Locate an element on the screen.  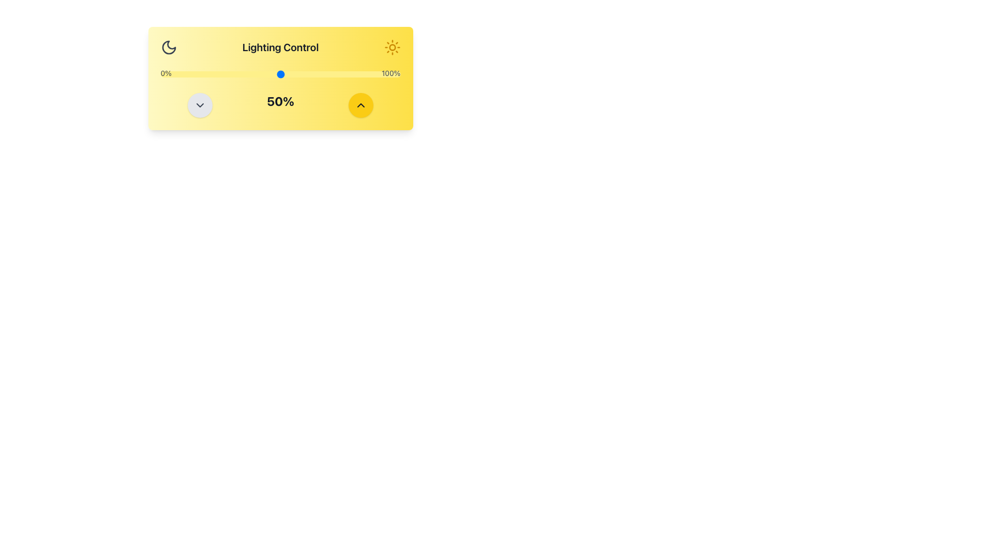
the Display Text element that shows the current lighting intensity as a percentage, positioned centrally between interactive circular buttons is located at coordinates (280, 105).